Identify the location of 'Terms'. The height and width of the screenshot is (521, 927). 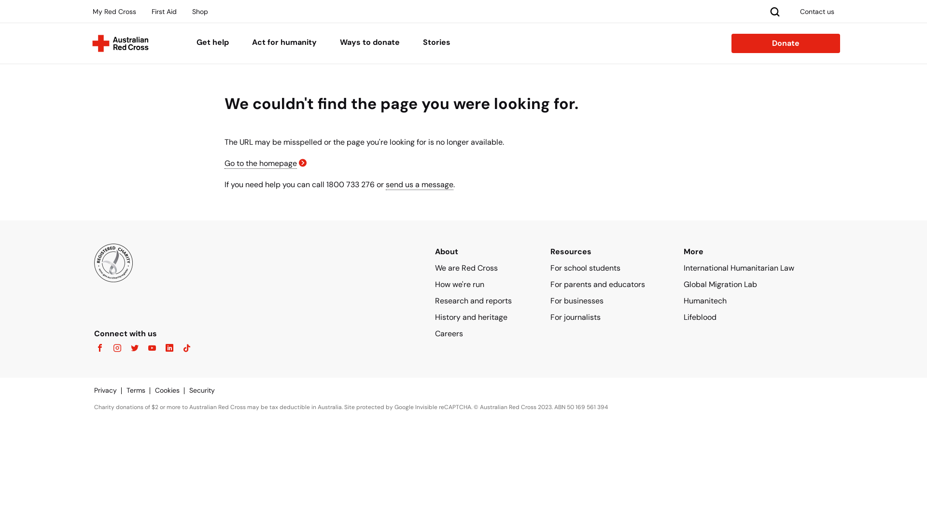
(140, 390).